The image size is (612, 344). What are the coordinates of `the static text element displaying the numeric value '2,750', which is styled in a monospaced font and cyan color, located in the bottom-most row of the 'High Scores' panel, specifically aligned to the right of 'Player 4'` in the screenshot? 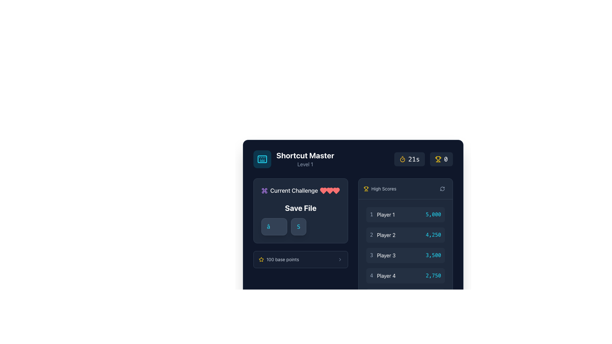 It's located at (433, 276).